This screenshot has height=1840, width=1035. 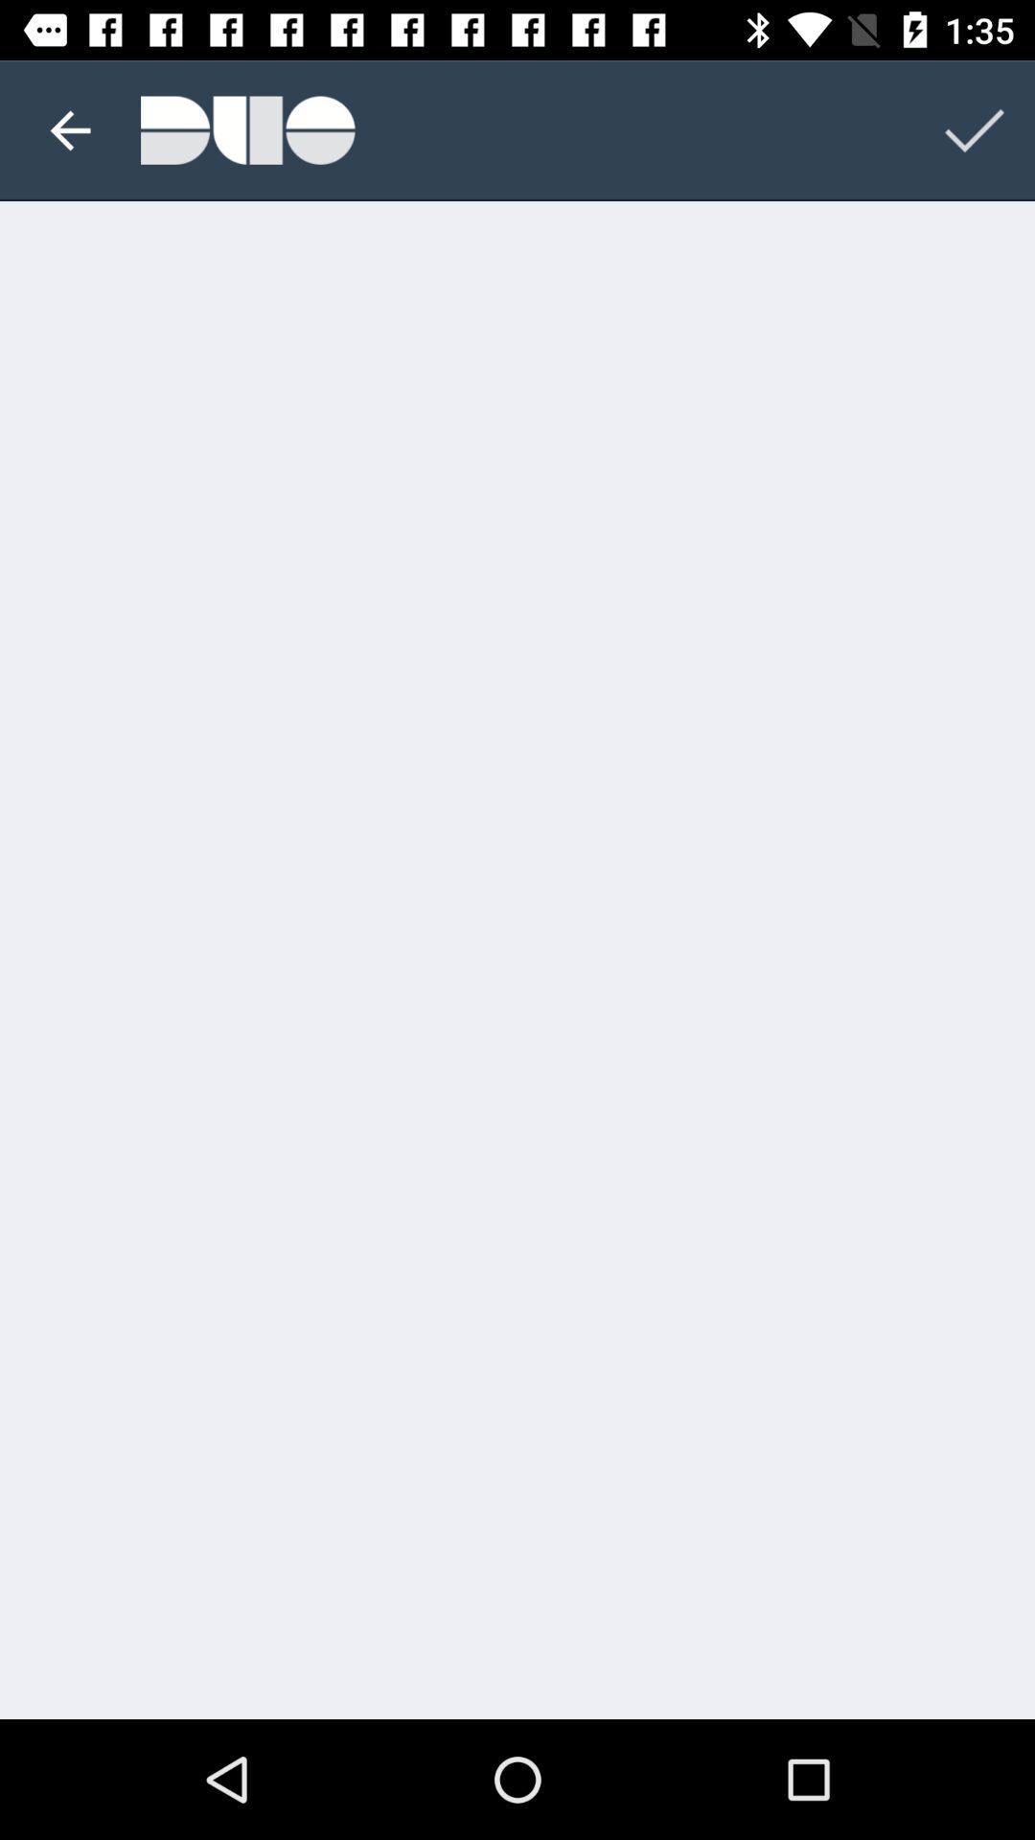 I want to click on the item at the center, so click(x=517, y=960).